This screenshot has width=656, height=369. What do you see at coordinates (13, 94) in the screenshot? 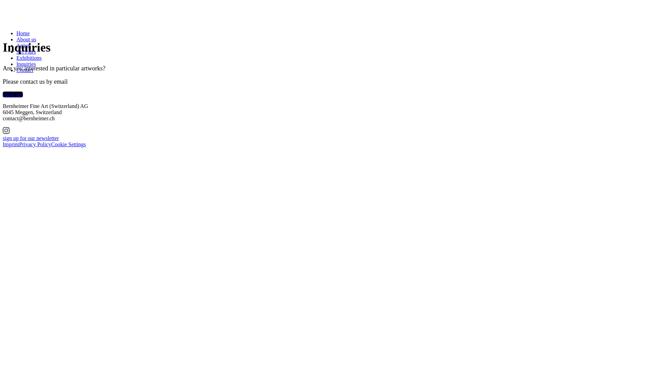
I see `'email us!'` at bounding box center [13, 94].